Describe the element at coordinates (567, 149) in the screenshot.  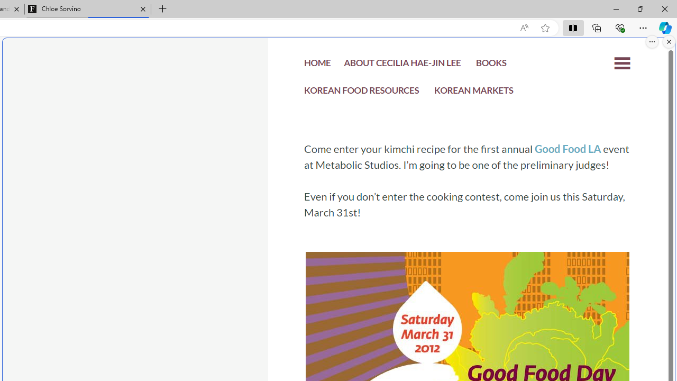
I see `'Good Food LA'` at that location.